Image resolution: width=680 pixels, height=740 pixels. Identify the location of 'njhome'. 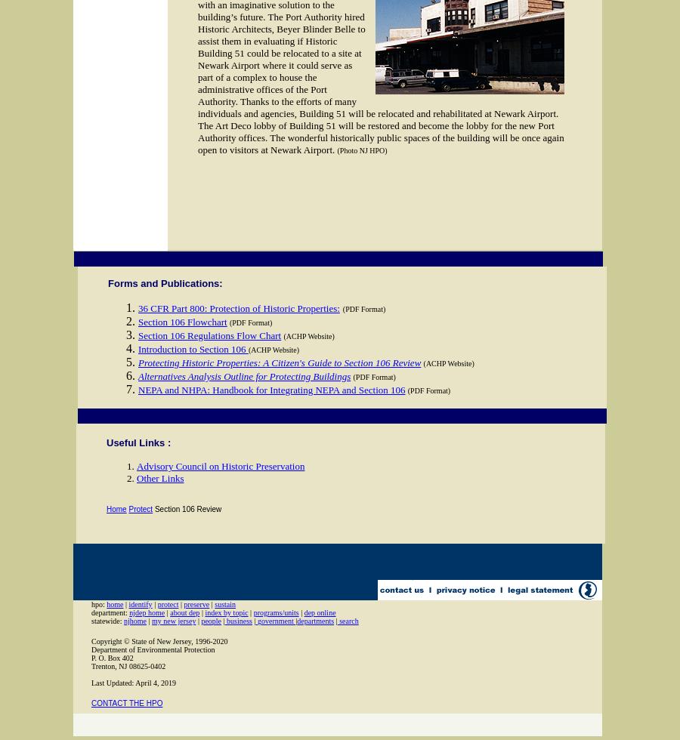
(123, 621).